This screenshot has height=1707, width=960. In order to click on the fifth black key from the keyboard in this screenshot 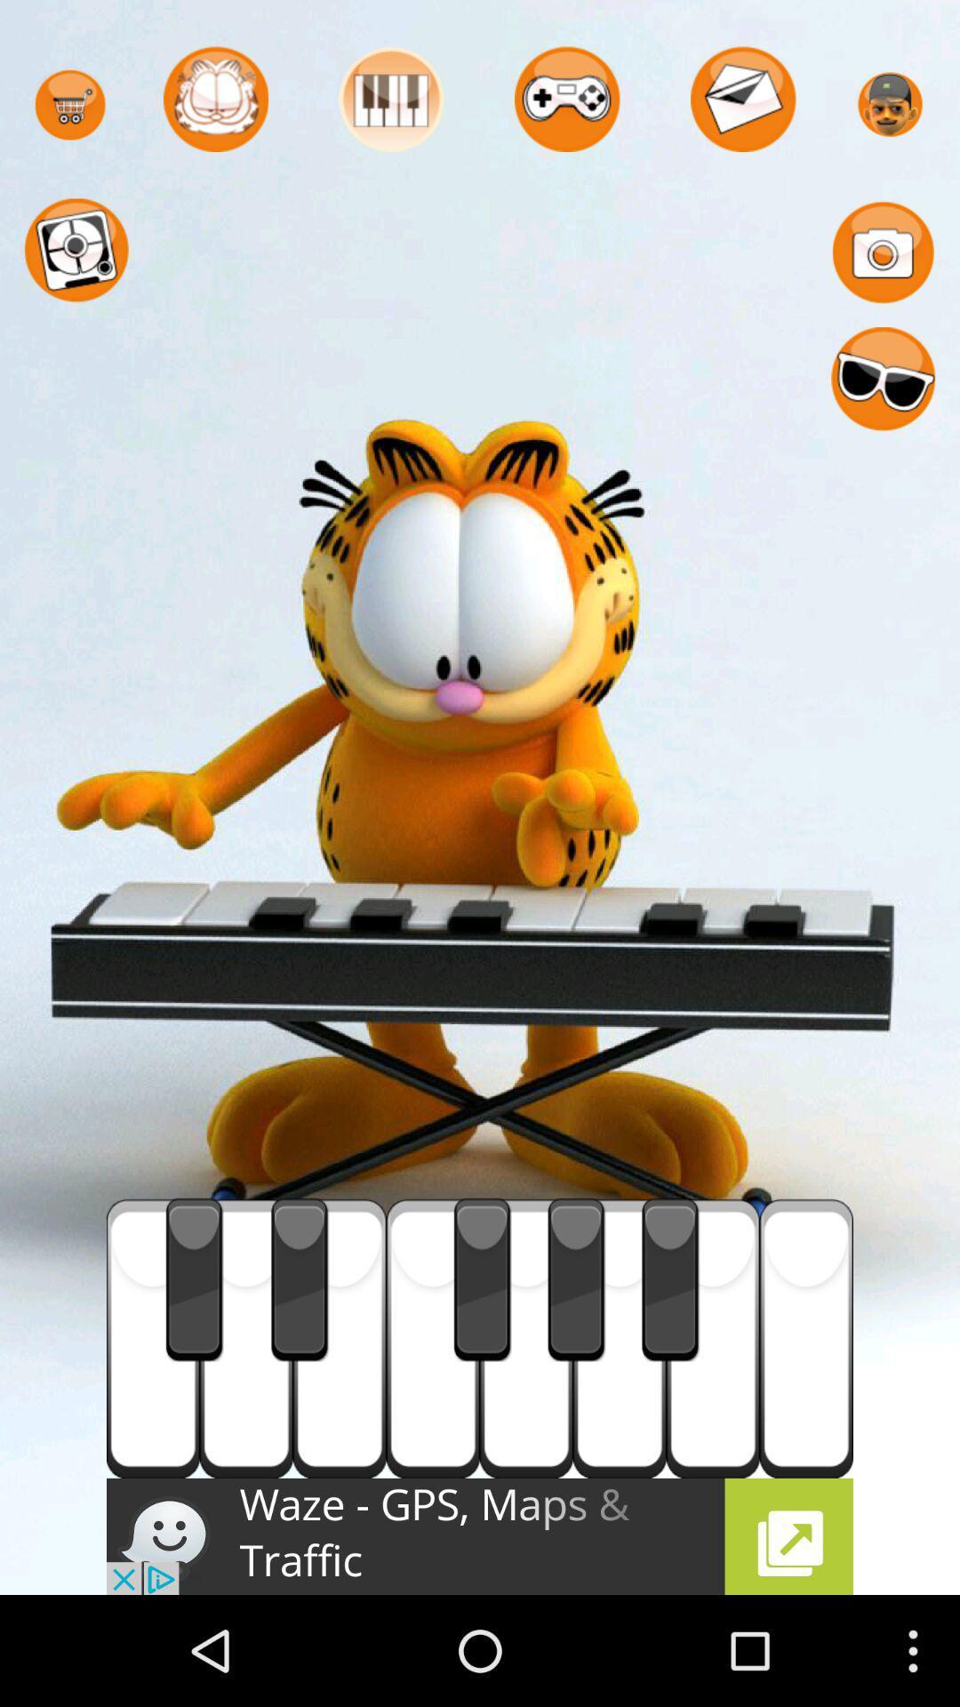, I will do `click(671, 1280)`.